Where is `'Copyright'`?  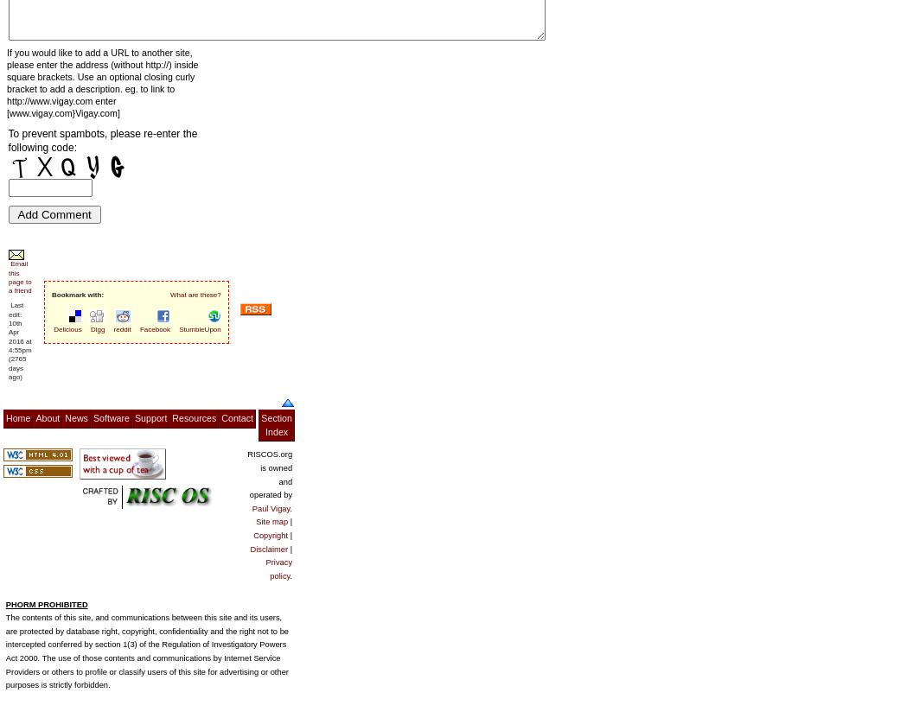
'Copyright' is located at coordinates (270, 534).